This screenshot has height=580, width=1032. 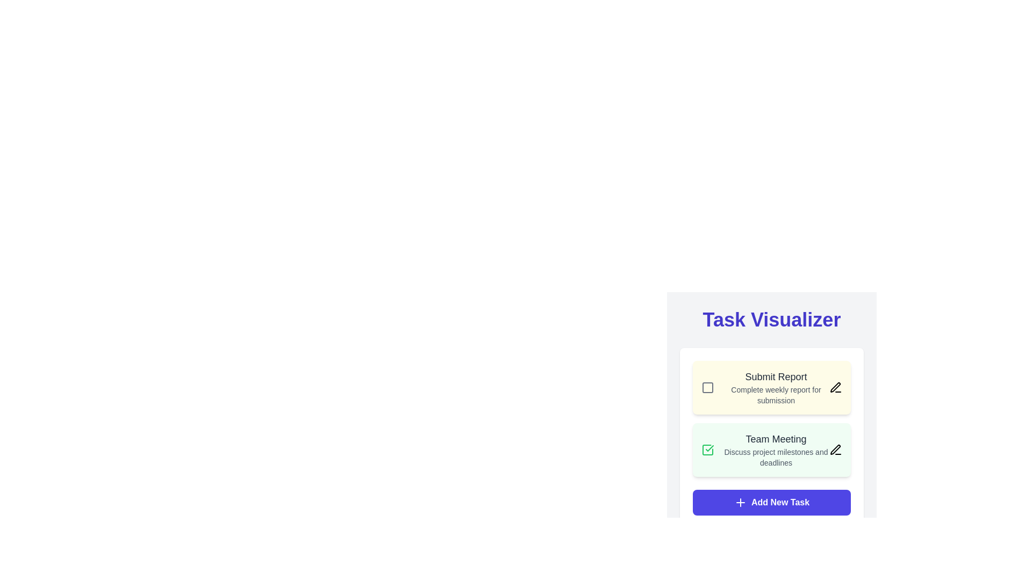 What do you see at coordinates (835, 387) in the screenshot?
I see `the pencil icon next to the 'Submit Report' task to edit it` at bounding box center [835, 387].